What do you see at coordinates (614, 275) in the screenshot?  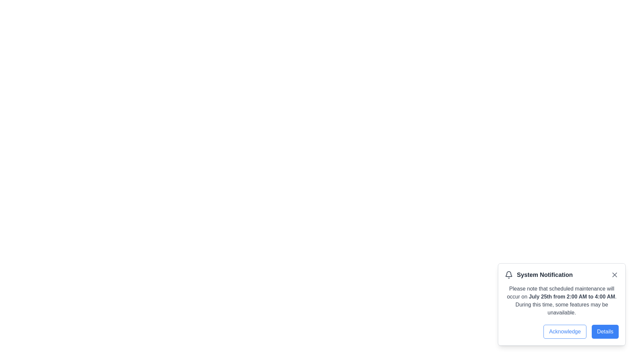 I see `the interactive button represented by an 'X' character at the top-right corner of the notification modal to change its color` at bounding box center [614, 275].